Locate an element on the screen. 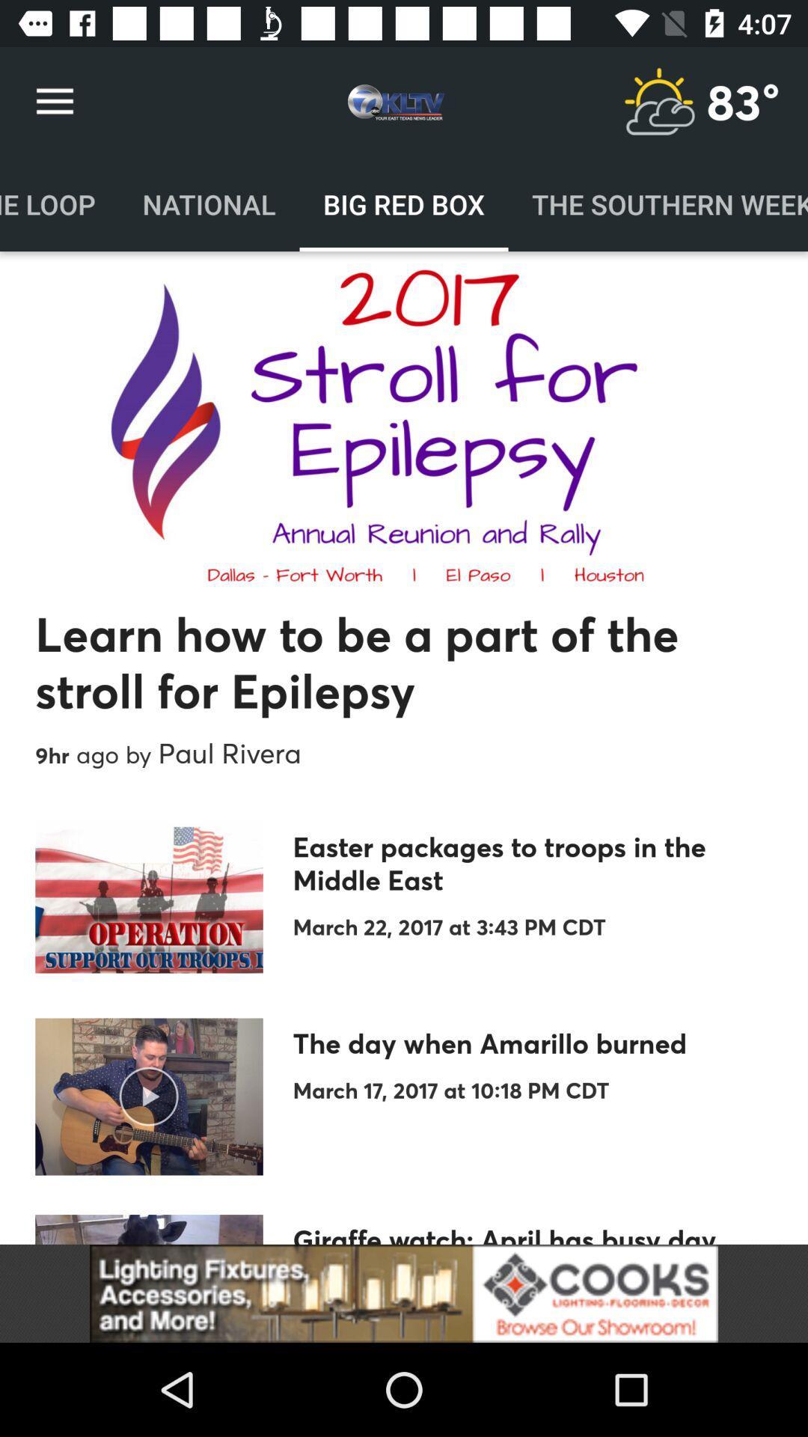  advertisements website is located at coordinates (404, 1293).